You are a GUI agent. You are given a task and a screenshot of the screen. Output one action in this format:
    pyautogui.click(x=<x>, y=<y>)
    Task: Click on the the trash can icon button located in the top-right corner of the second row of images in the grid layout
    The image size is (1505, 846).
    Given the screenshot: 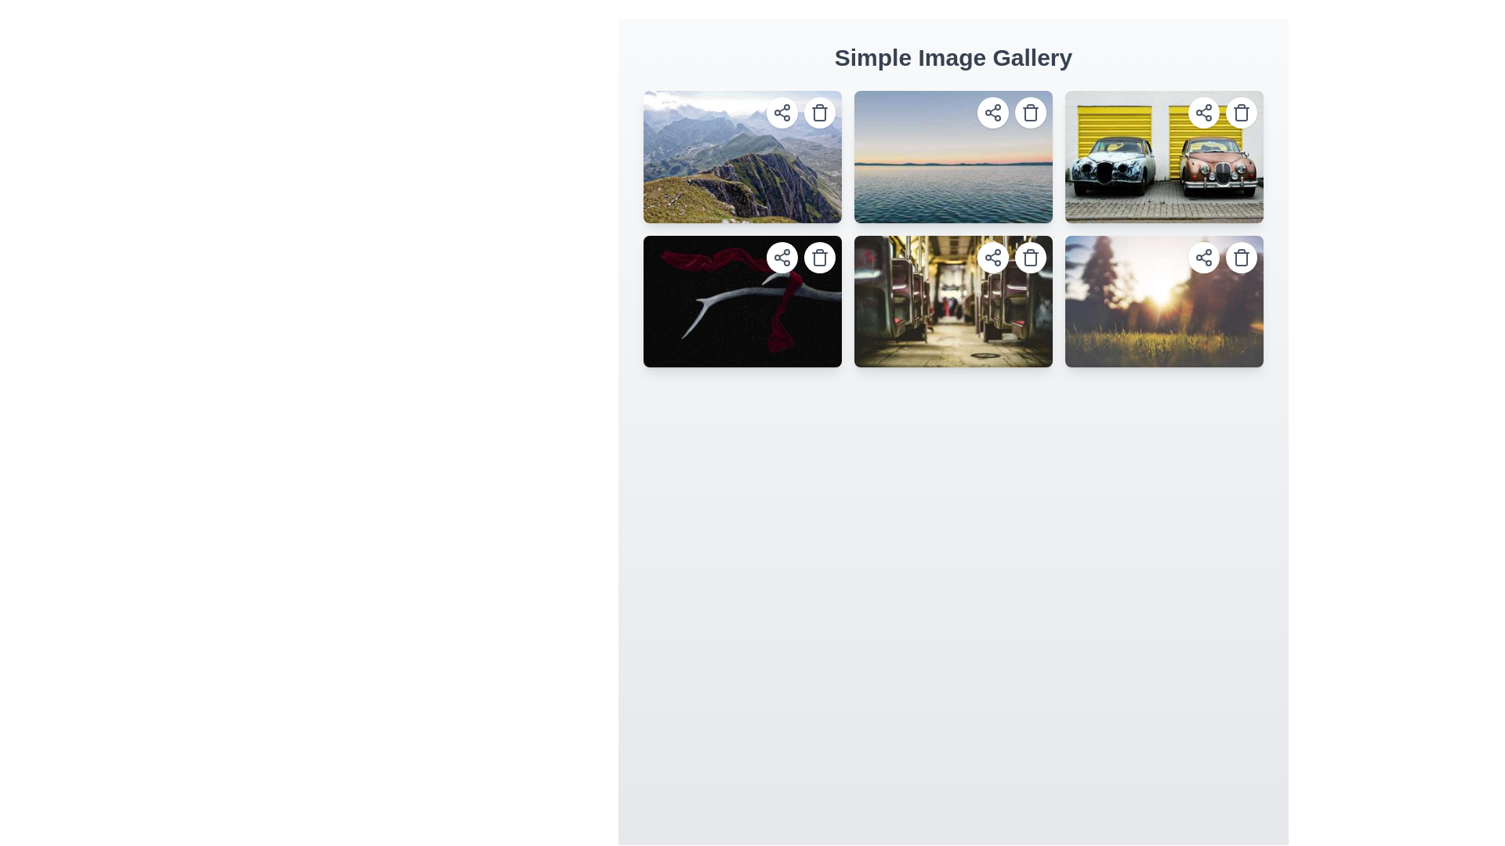 What is the action you would take?
    pyautogui.click(x=1031, y=255)
    